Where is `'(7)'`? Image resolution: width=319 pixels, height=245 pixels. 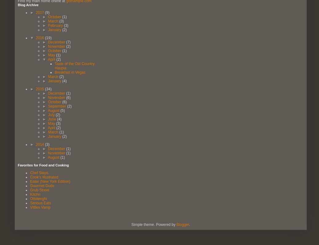 '(7)' is located at coordinates (65, 42).